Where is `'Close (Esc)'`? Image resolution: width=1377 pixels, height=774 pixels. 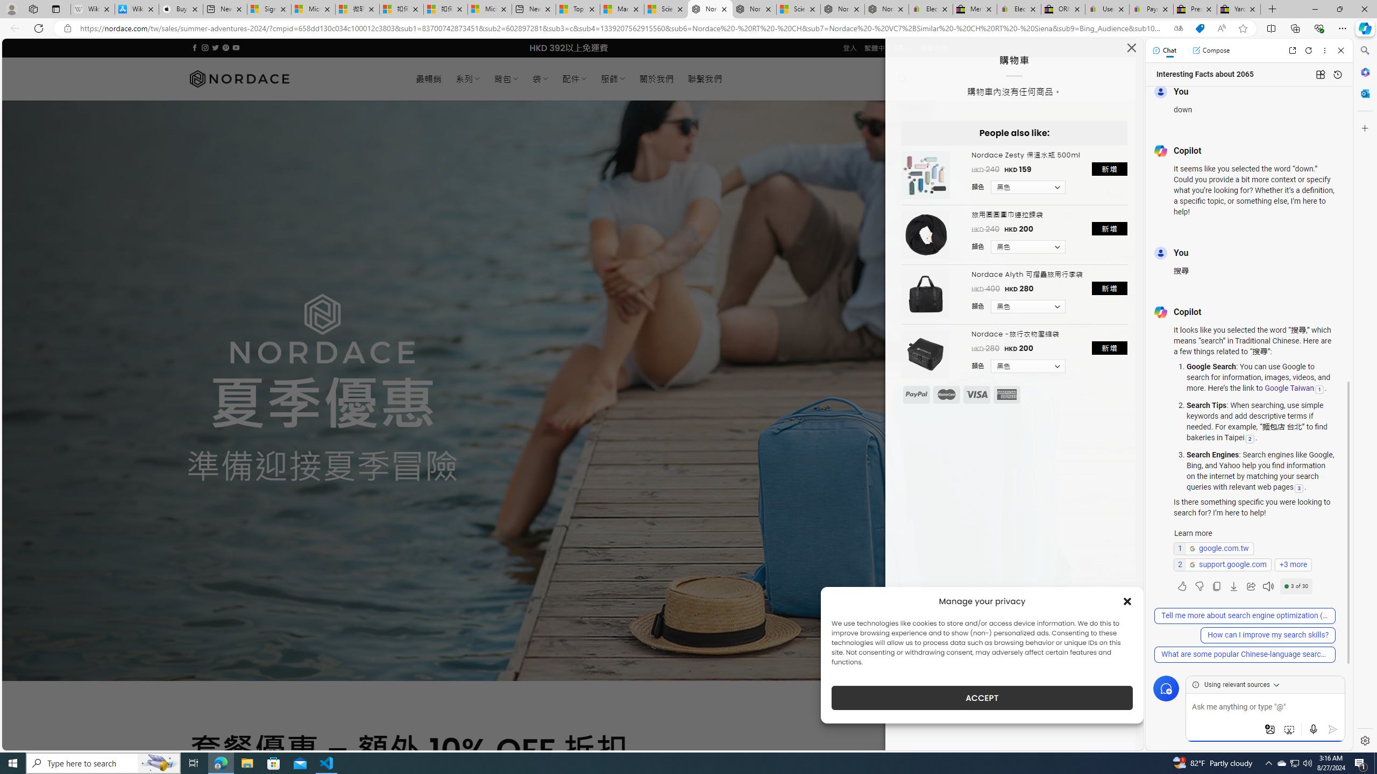 'Close (Esc)' is located at coordinates (1131, 50).